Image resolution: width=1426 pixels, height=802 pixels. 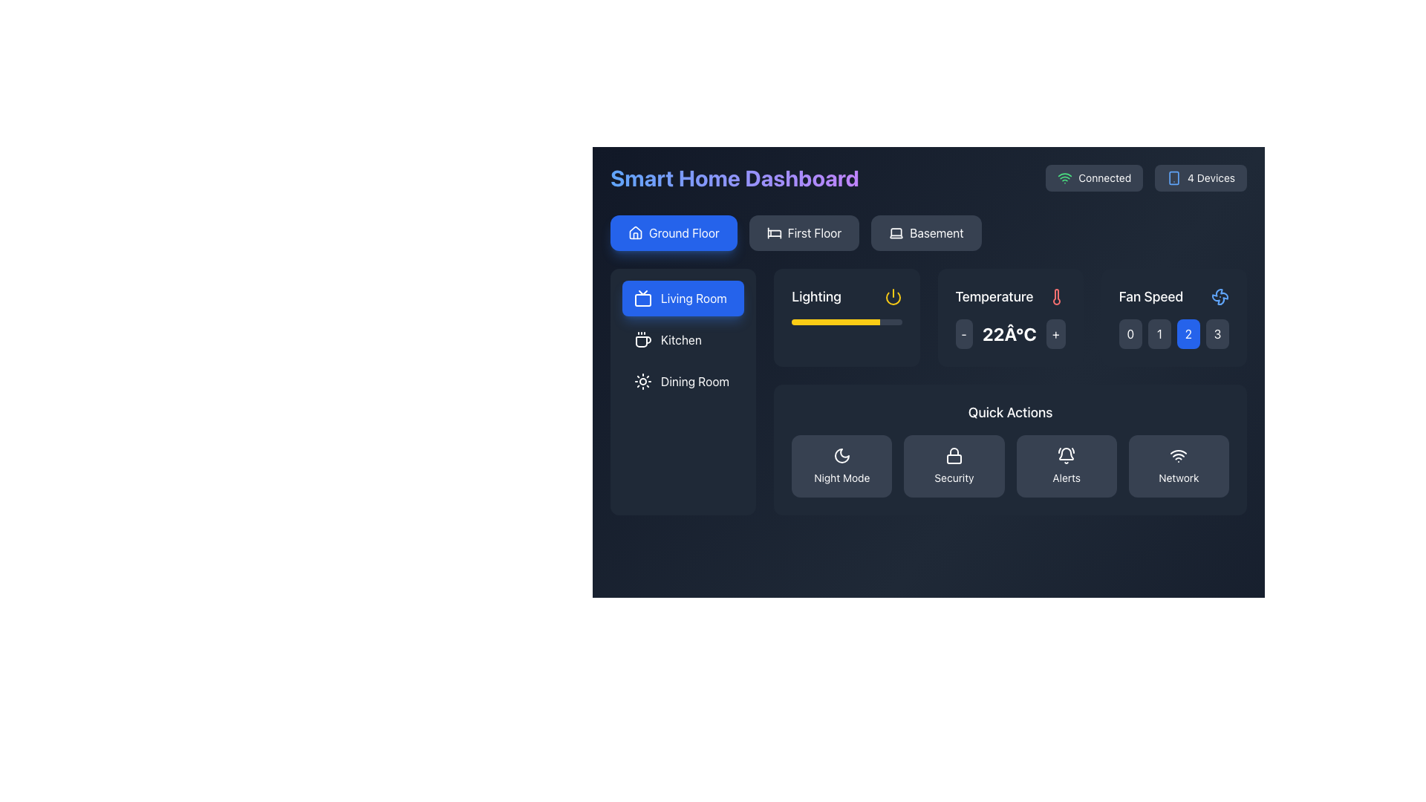 What do you see at coordinates (735, 177) in the screenshot?
I see `the static text element that serves as the heading for the 'Smart Home Dashboard', located at the top-left side of the interface` at bounding box center [735, 177].